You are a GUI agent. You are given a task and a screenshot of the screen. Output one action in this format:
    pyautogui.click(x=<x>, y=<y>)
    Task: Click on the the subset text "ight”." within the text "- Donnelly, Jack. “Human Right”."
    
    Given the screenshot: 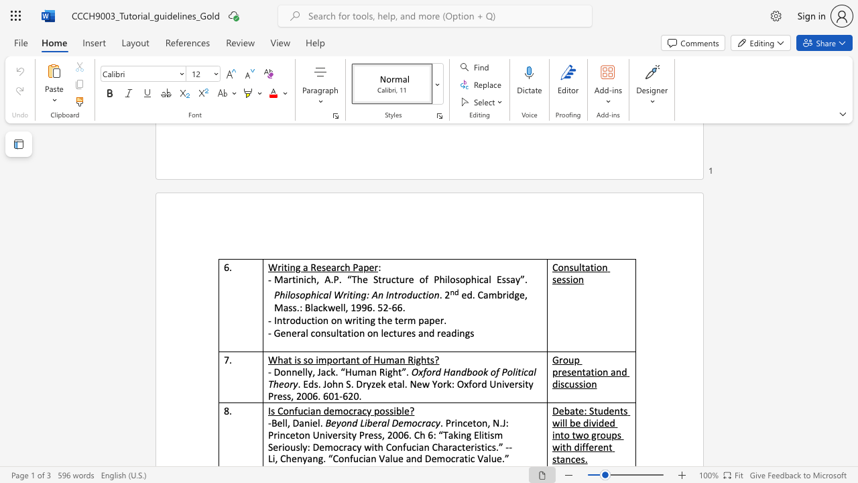 What is the action you would take?
    pyautogui.click(x=384, y=372)
    